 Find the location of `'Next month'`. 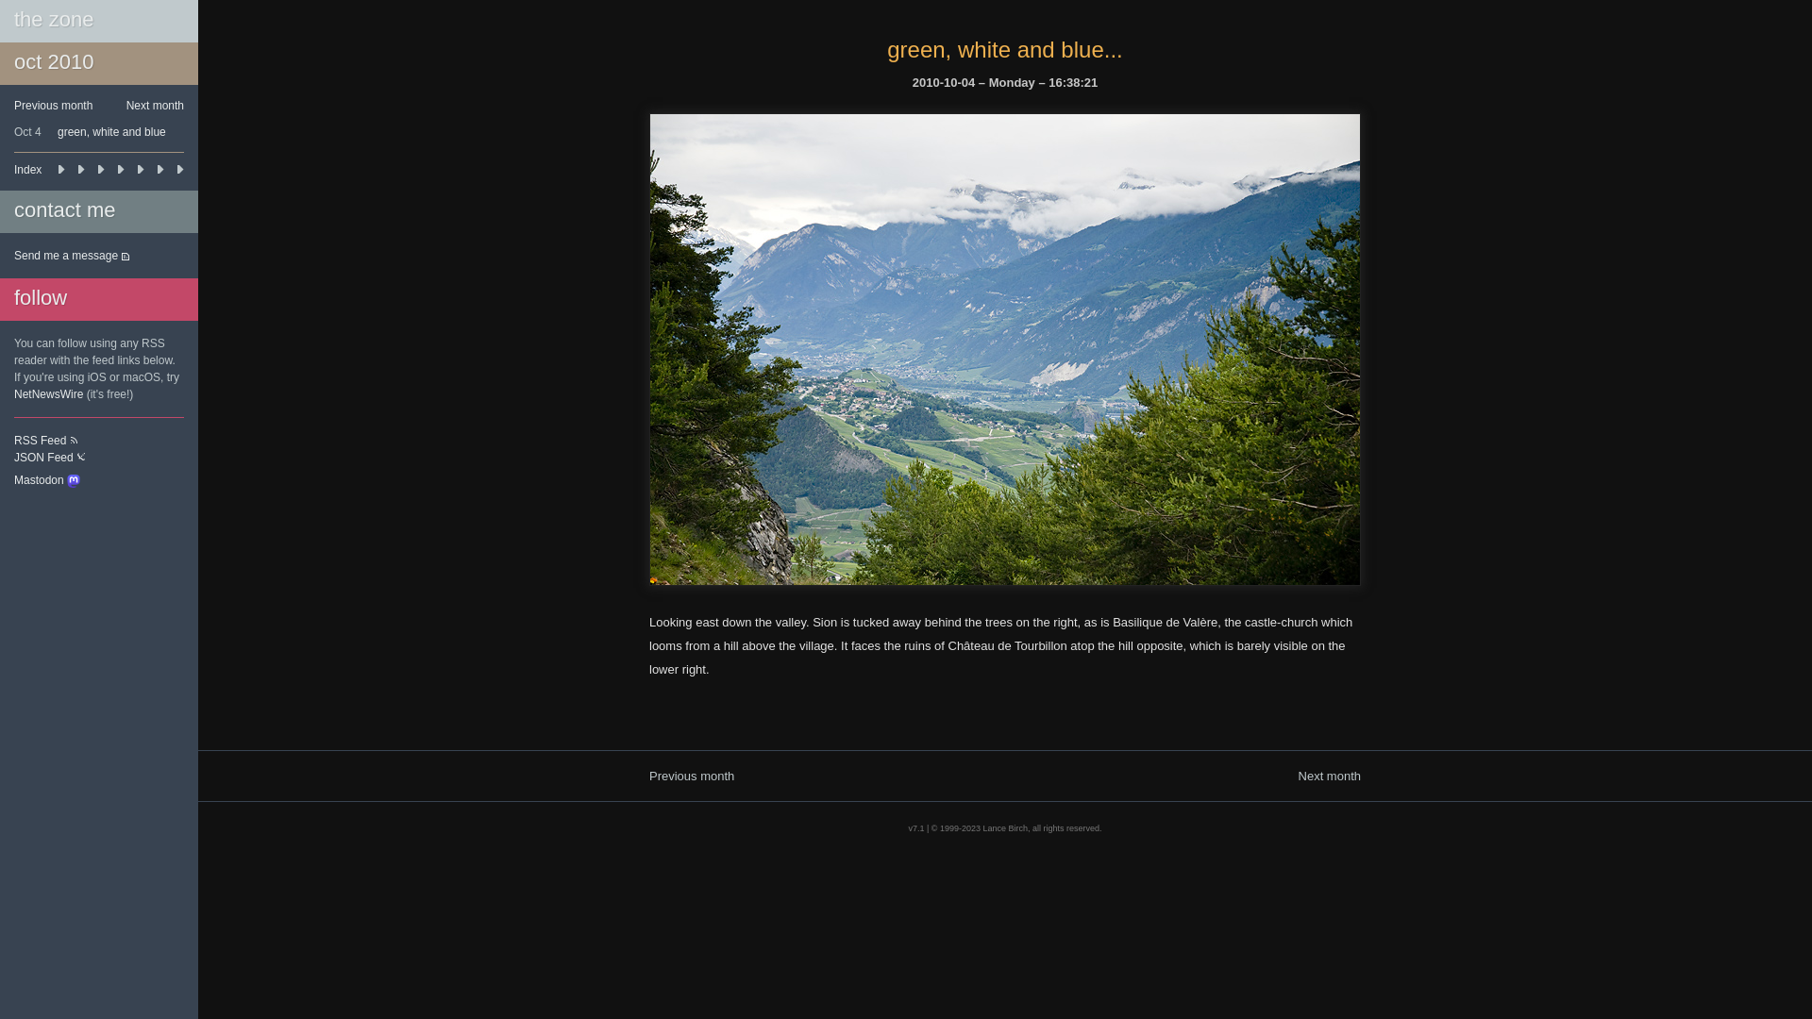

'Next month' is located at coordinates (145, 105).